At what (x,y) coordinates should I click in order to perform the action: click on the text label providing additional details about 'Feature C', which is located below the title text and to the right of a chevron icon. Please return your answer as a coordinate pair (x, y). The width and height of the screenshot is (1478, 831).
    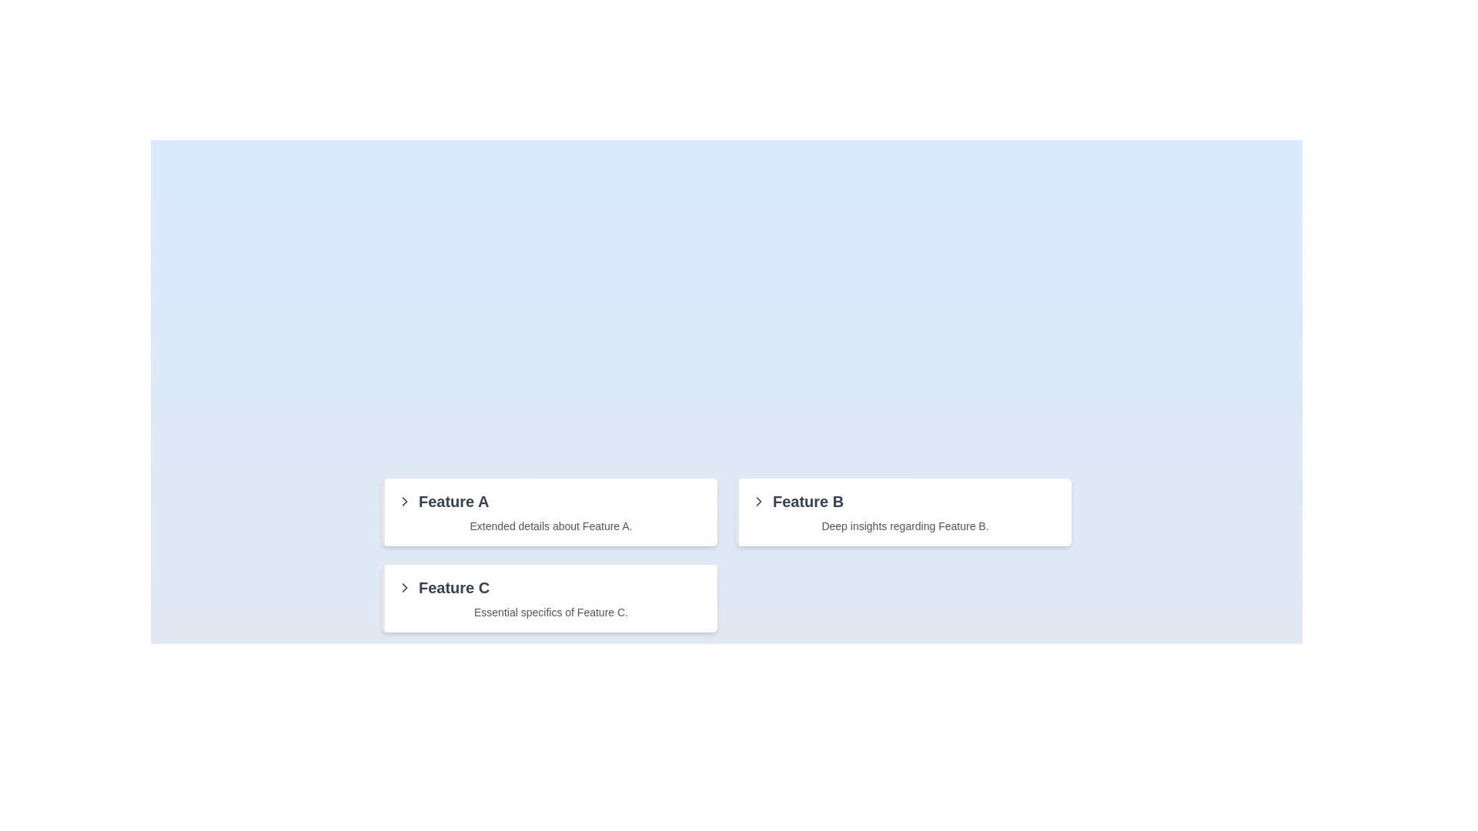
    Looking at the image, I should click on (550, 611).